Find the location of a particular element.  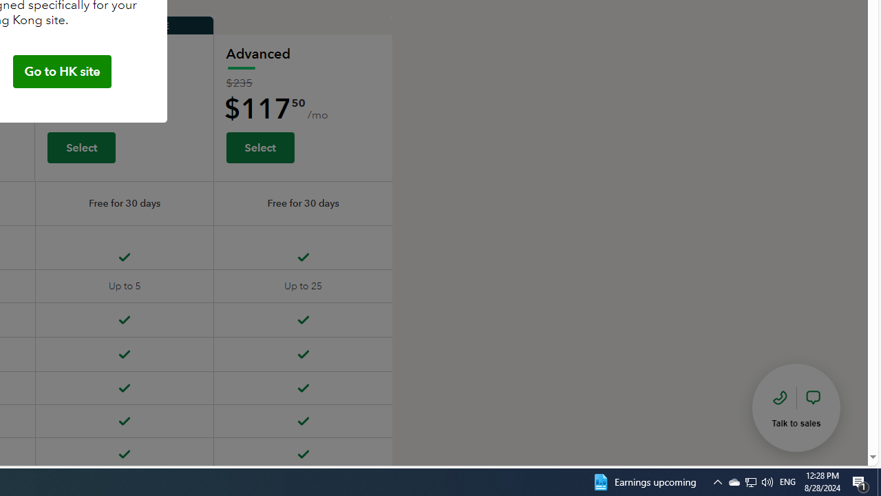

'Select advanced' is located at coordinates (259, 147).